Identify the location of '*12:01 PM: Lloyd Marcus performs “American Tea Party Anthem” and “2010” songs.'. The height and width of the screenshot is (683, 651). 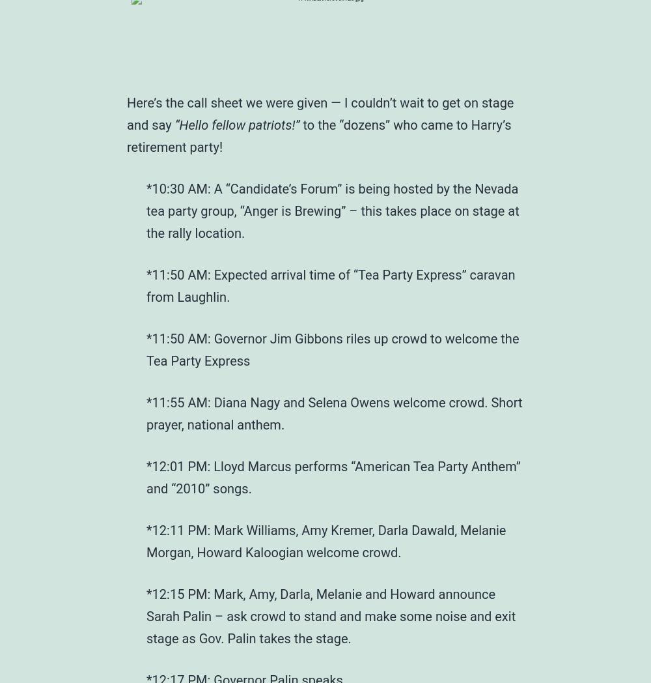
(333, 476).